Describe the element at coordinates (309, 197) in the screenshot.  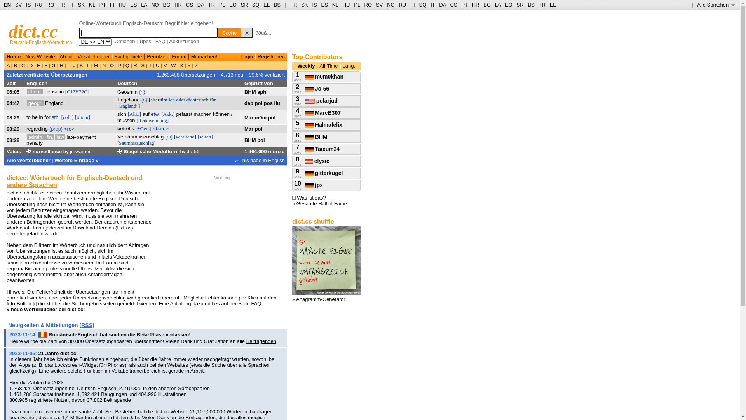
I see `'Was ist das?'` at that location.